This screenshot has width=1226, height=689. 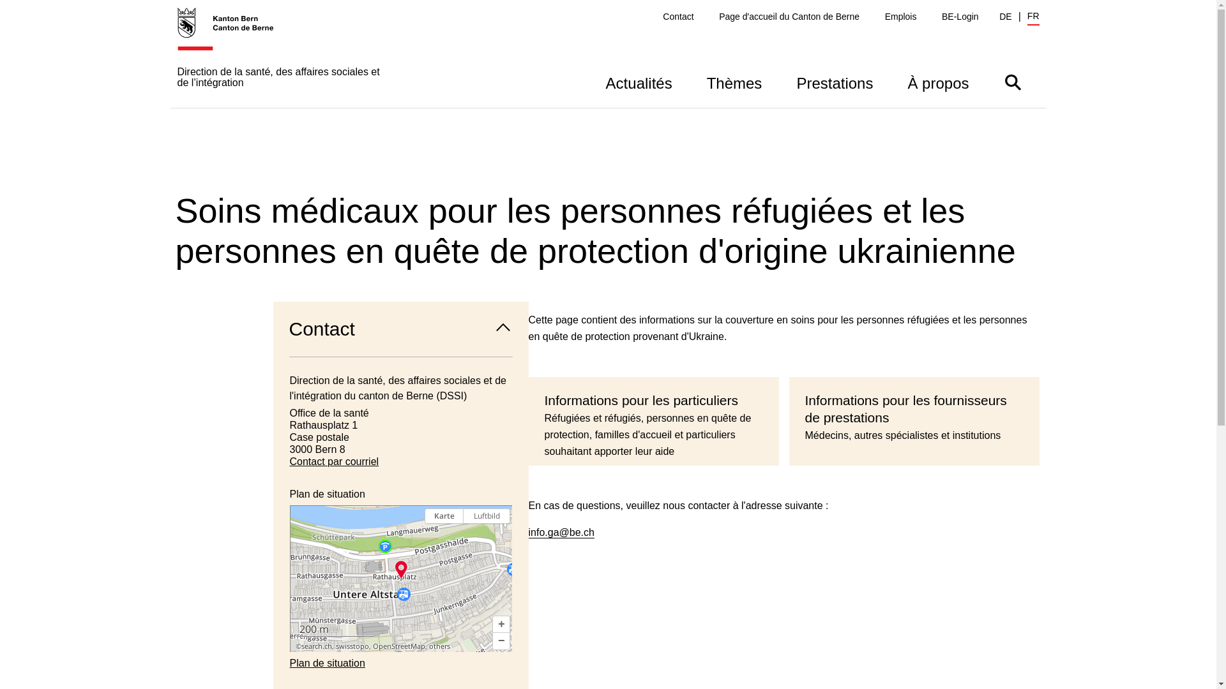 I want to click on 'info.ga@be.ch', so click(x=529, y=532).